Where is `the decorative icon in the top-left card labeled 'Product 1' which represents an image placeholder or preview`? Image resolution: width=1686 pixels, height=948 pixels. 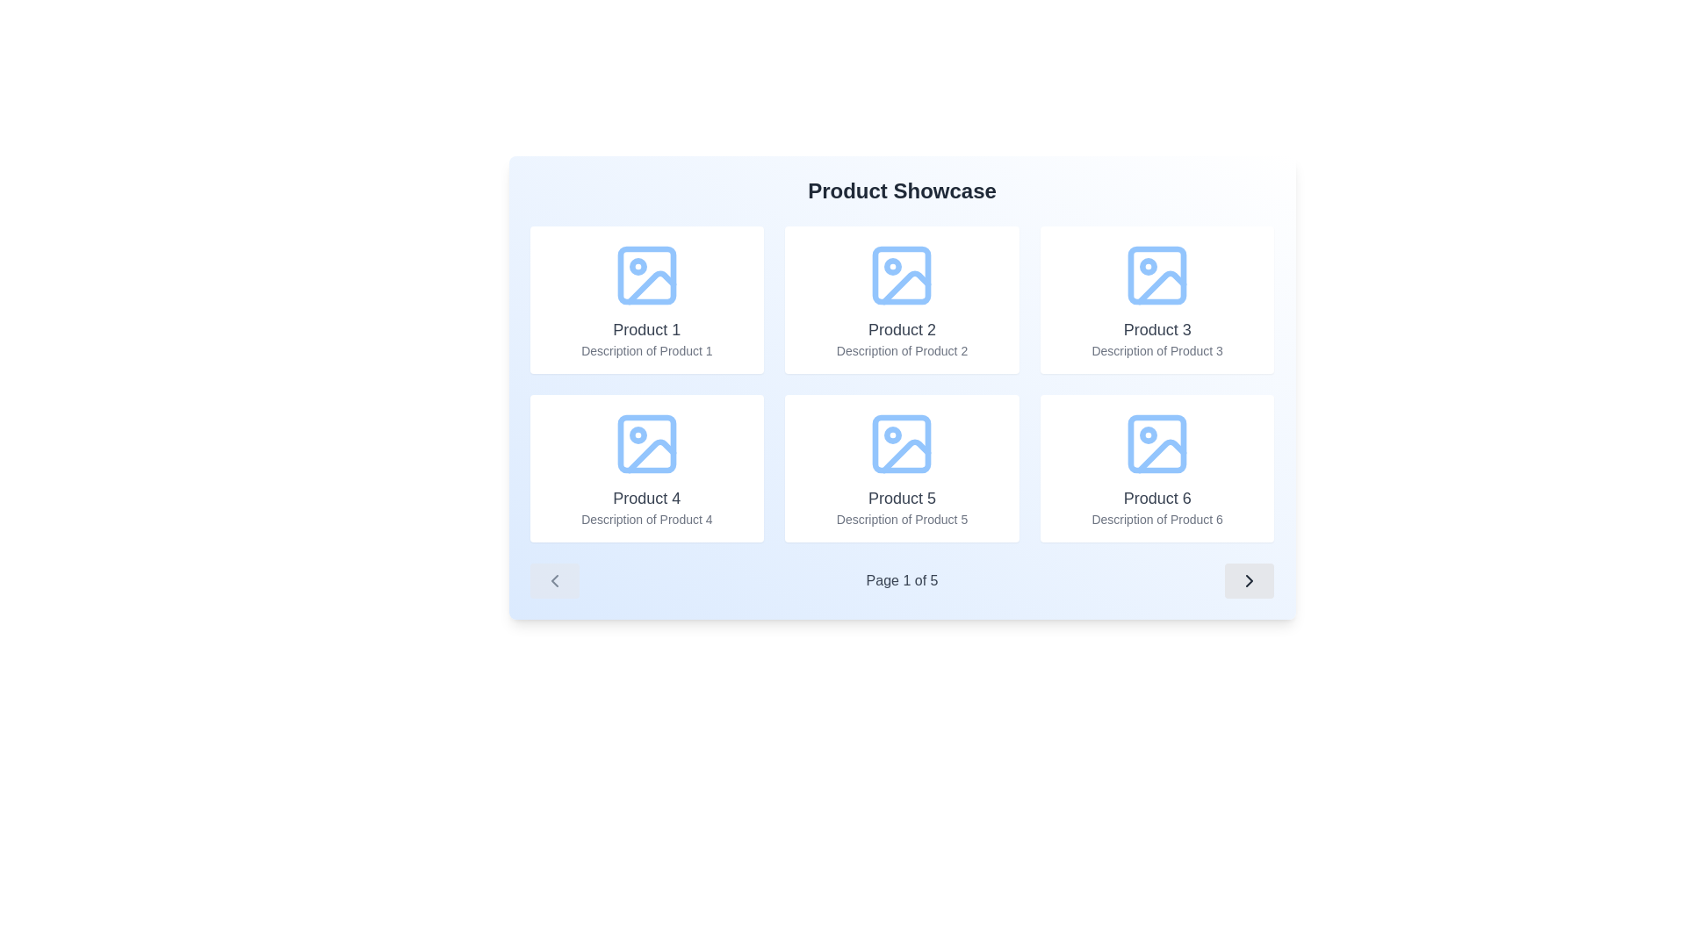
the decorative icon in the top-left card labeled 'Product 1' which represents an image placeholder or preview is located at coordinates (645, 275).